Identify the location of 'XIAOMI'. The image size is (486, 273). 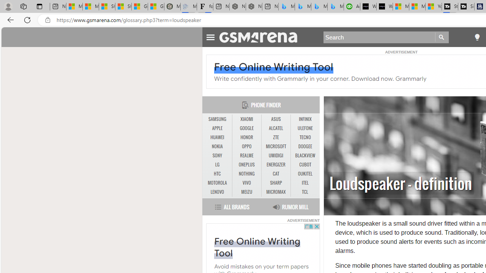
(247, 119).